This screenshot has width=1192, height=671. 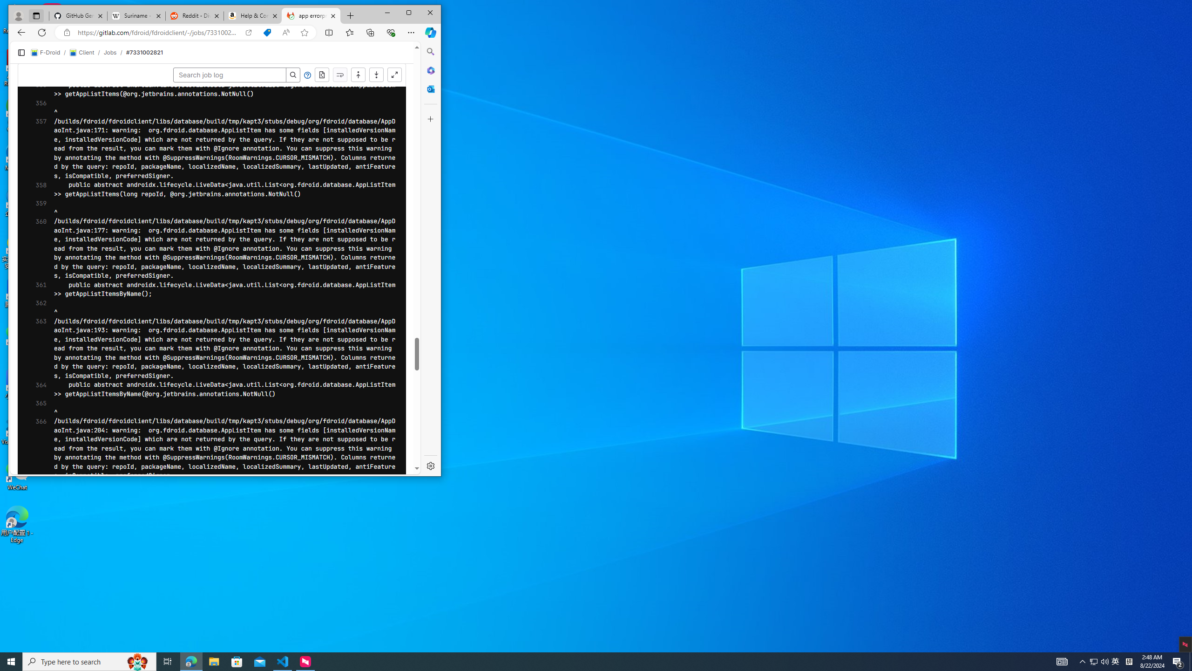 I want to click on 'Notification Chevron', so click(x=1082, y=661).